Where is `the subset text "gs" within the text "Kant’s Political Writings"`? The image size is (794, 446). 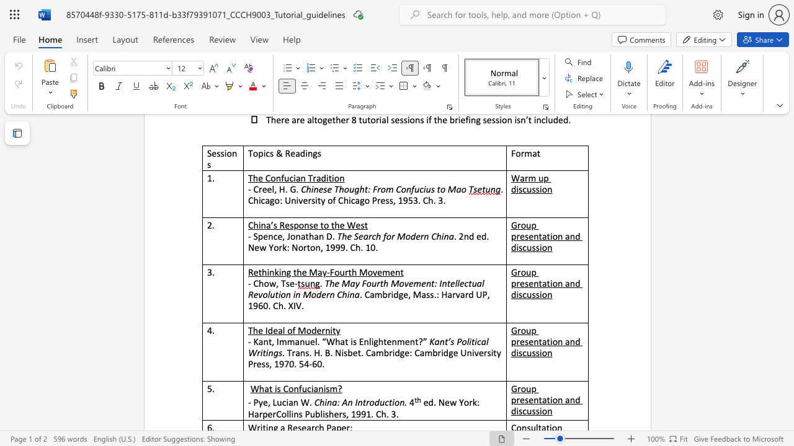
the subset text "gs" within the text "Kant’s Political Writings" is located at coordinates (272, 352).